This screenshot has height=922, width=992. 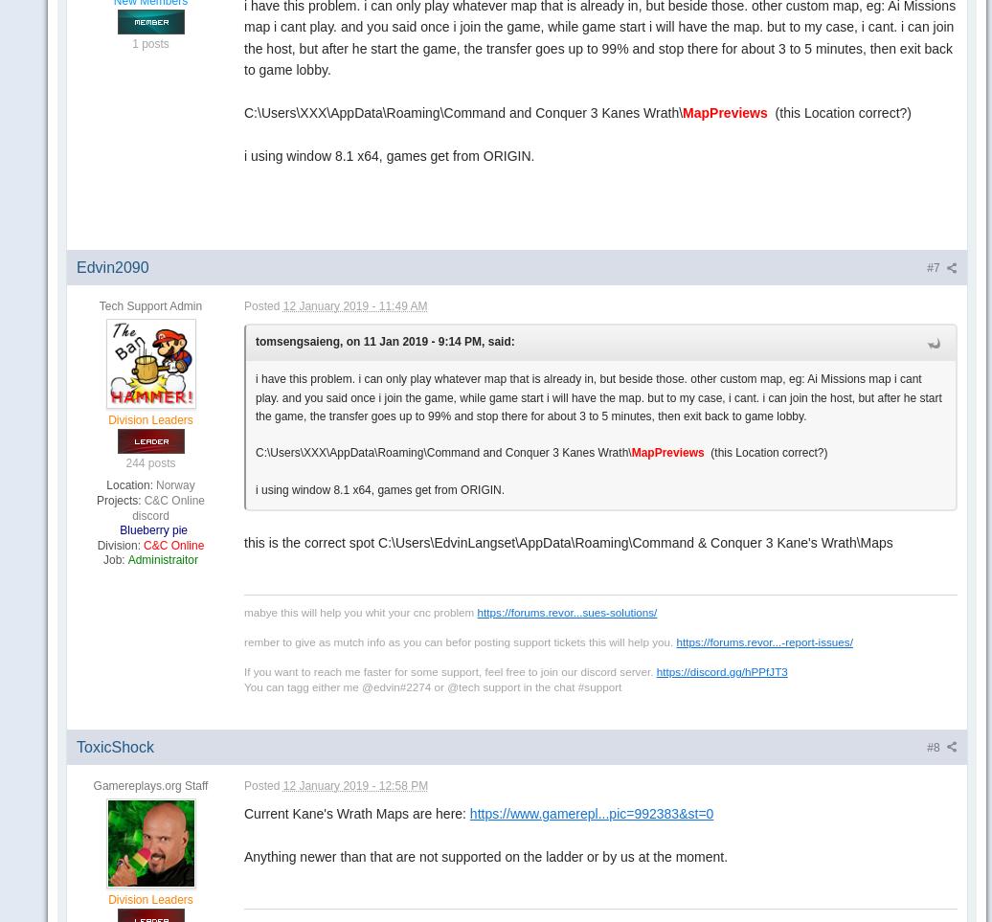 I want to click on 'If you want to reach me faster for some support, feel free to join our discord server.', so click(x=243, y=670).